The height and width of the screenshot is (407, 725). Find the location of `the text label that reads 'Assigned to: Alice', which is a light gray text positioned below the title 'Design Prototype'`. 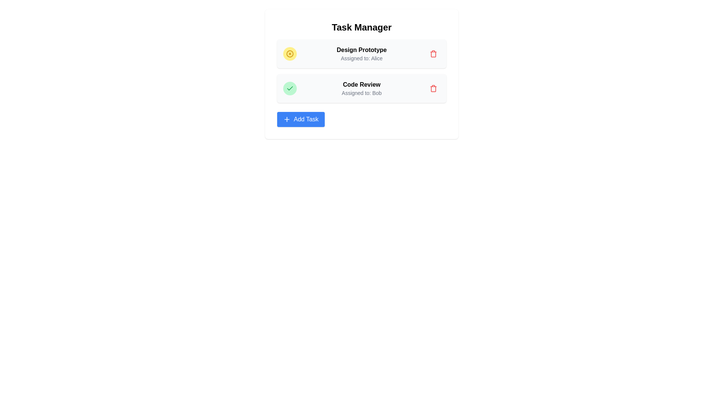

the text label that reads 'Assigned to: Alice', which is a light gray text positioned below the title 'Design Prototype' is located at coordinates (361, 58).